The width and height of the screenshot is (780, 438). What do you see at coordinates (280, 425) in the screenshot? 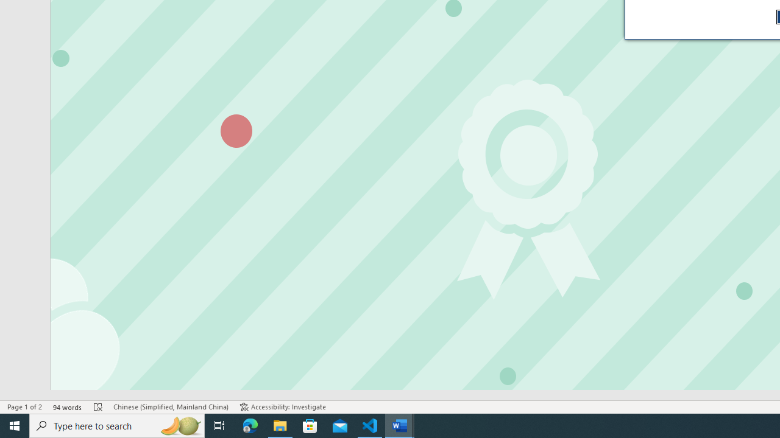
I see `'File Explorer - 1 running window'` at bounding box center [280, 425].